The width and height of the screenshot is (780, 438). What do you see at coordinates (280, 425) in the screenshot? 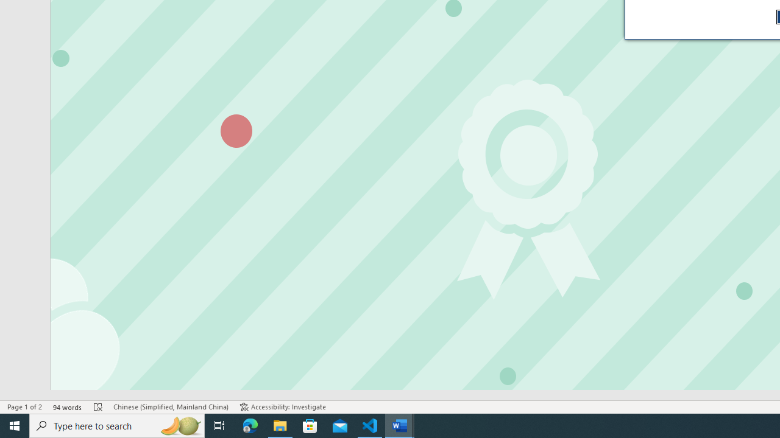
I see `'File Explorer - 1 running window'` at bounding box center [280, 425].